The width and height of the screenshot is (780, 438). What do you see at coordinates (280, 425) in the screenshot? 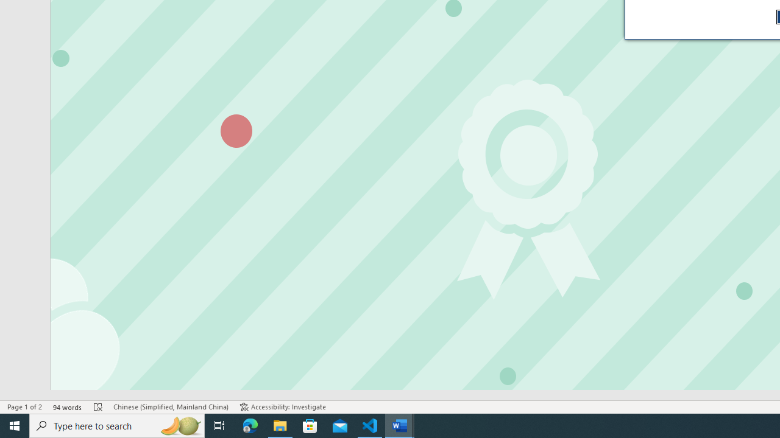
I see `'File Explorer - 1 running window'` at bounding box center [280, 425].